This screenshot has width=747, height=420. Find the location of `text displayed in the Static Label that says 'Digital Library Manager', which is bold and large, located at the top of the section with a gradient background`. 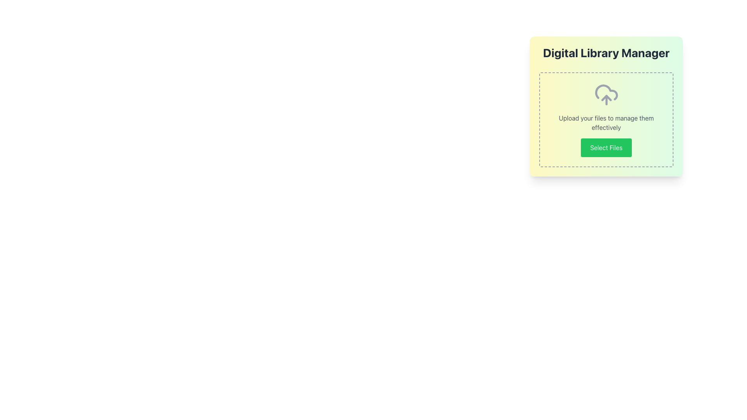

text displayed in the Static Label that says 'Digital Library Manager', which is bold and large, located at the top of the section with a gradient background is located at coordinates (606, 52).